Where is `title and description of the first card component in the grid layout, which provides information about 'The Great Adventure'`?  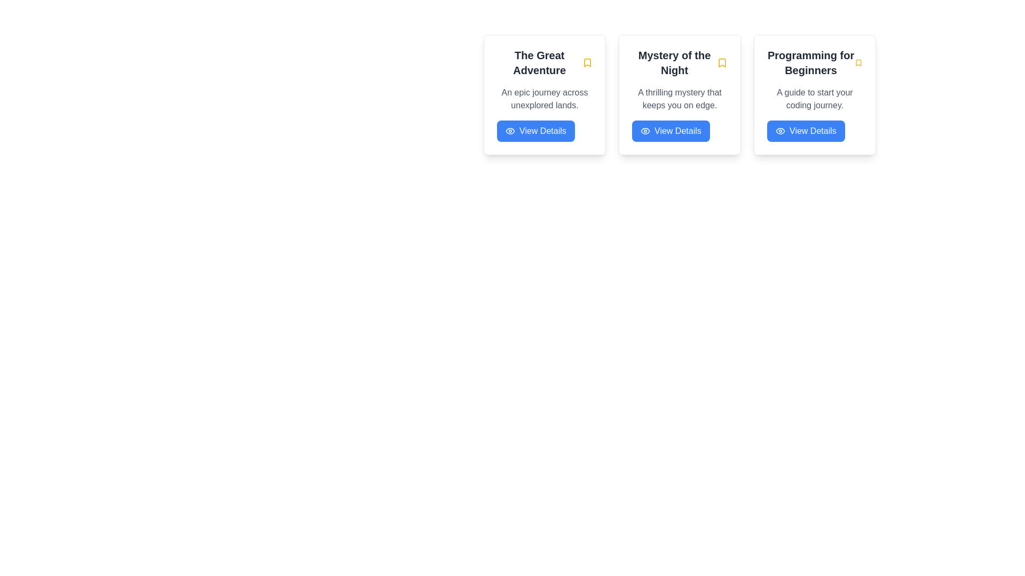 title and description of the first card component in the grid layout, which provides information about 'The Great Adventure' is located at coordinates (545, 94).